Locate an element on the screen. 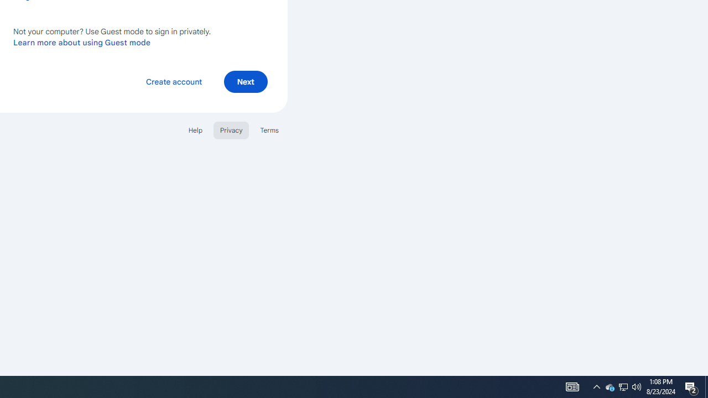 This screenshot has height=398, width=708. 'Learn more about using Guest mode' is located at coordinates (81, 41).